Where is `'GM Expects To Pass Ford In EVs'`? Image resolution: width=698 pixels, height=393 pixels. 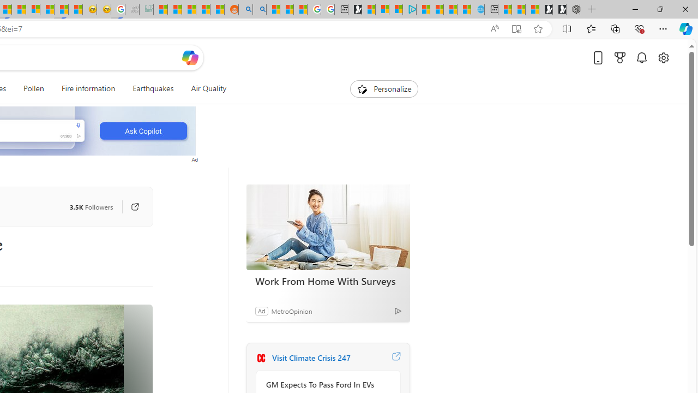
'GM Expects To Pass Ford In EVs' is located at coordinates (324, 384).